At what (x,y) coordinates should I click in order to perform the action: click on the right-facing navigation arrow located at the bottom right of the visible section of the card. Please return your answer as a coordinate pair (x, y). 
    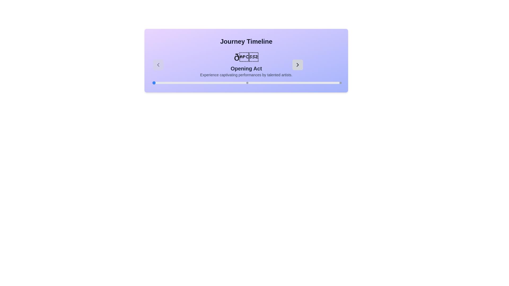
    Looking at the image, I should click on (298, 65).